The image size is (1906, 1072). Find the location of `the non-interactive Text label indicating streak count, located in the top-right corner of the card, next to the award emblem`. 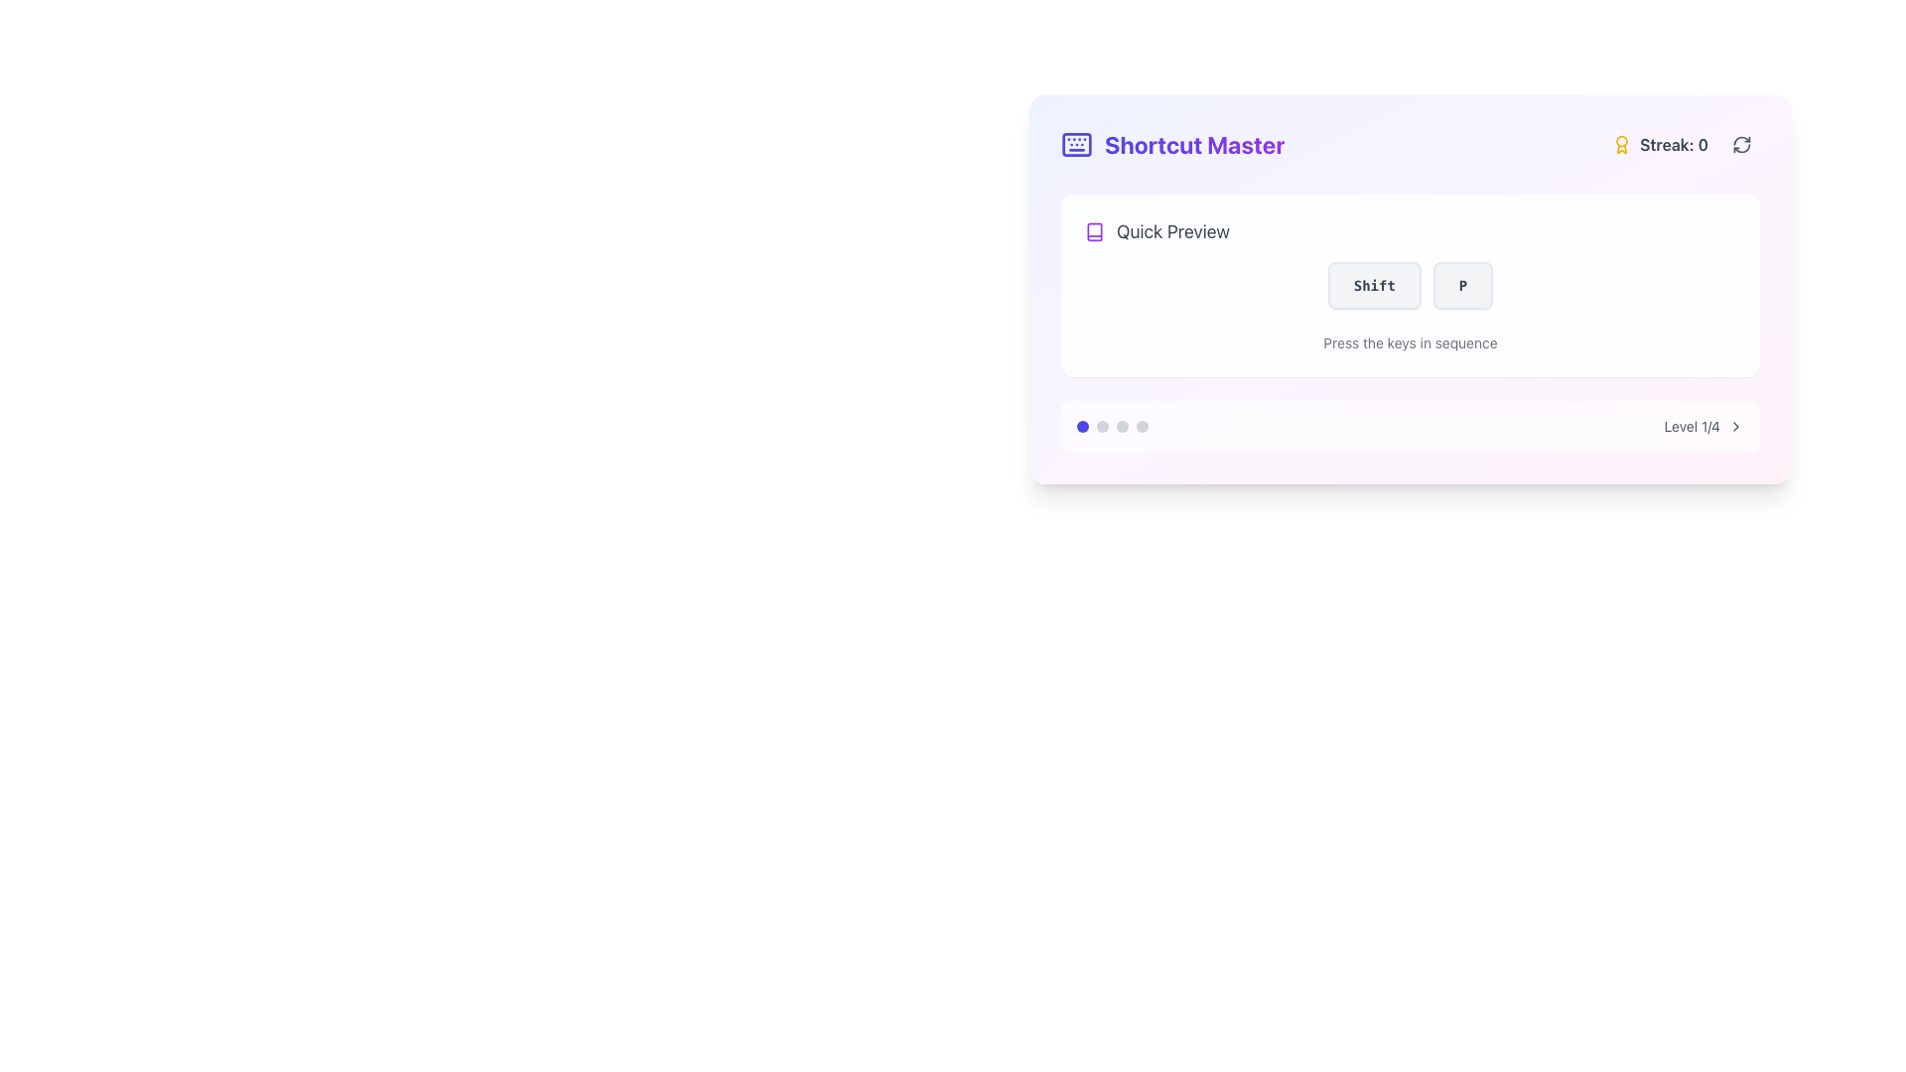

the non-interactive Text label indicating streak count, located in the top-right corner of the card, next to the award emblem is located at coordinates (1673, 144).